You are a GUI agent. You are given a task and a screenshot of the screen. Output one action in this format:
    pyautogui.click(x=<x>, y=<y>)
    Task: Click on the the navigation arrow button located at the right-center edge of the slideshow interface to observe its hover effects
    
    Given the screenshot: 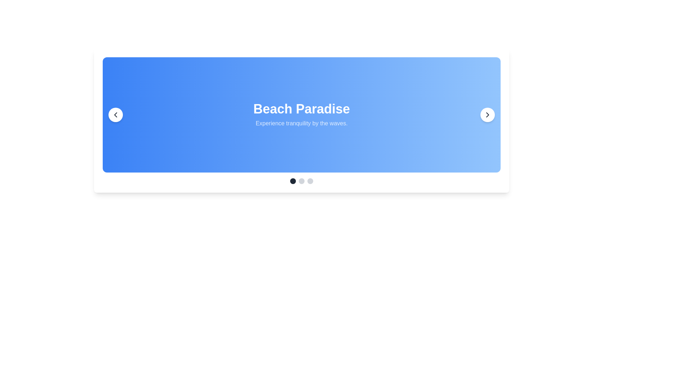 What is the action you would take?
    pyautogui.click(x=488, y=115)
    